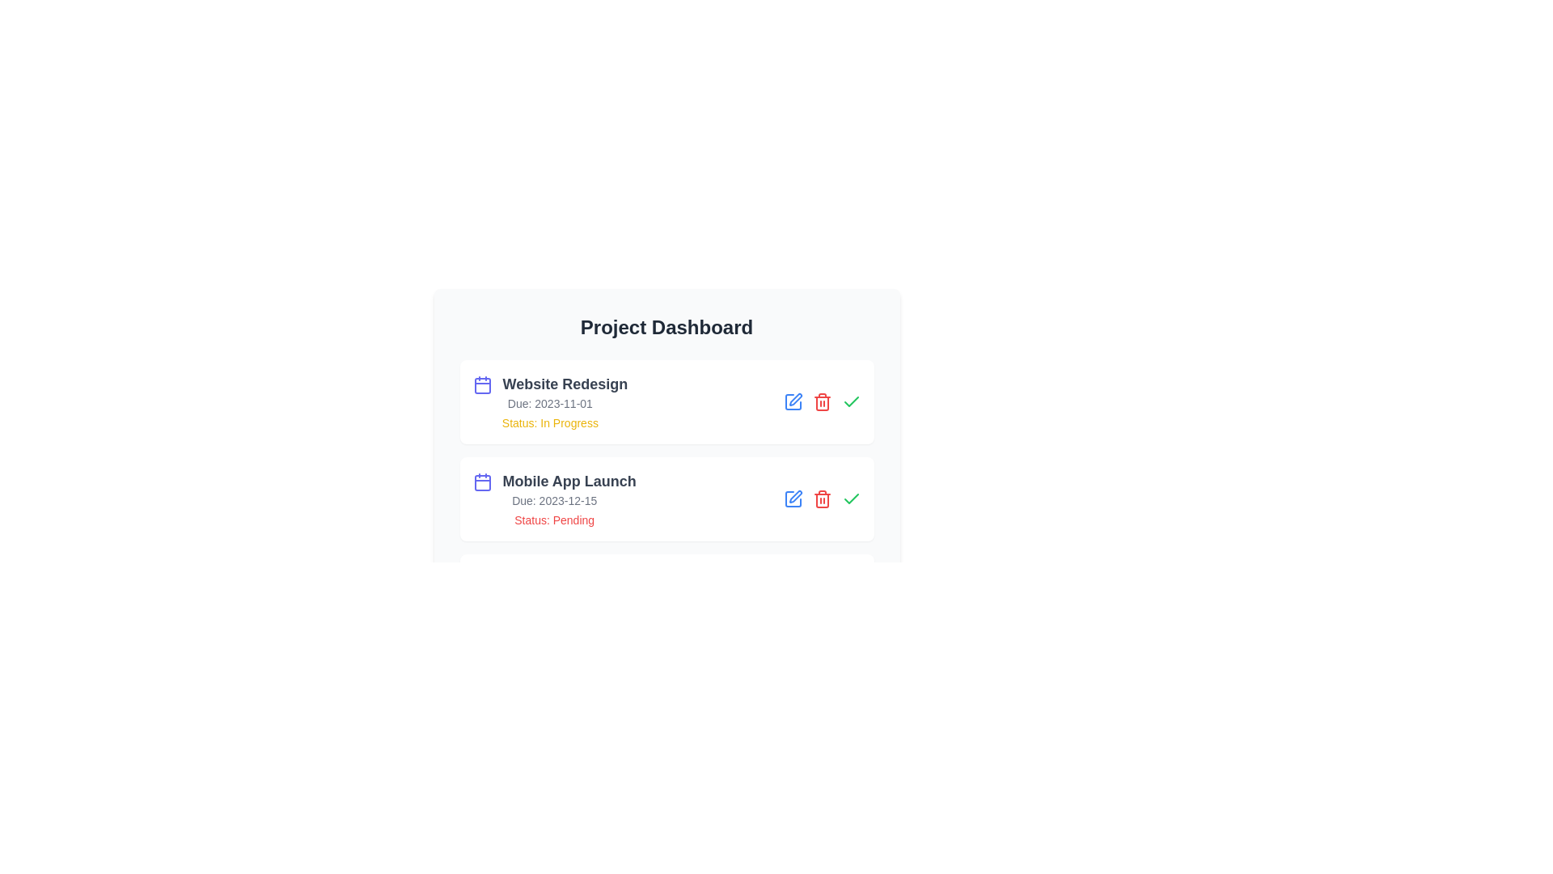 The image size is (1553, 874). I want to click on the edit button for the project Mobile App Launch, so click(793, 499).